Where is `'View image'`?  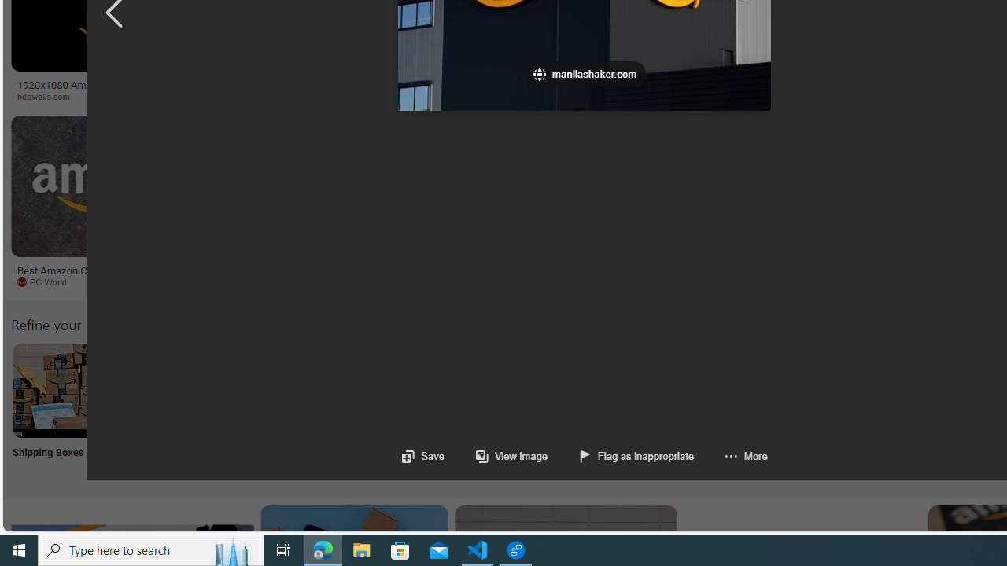 'View image' is located at coordinates (511, 456).